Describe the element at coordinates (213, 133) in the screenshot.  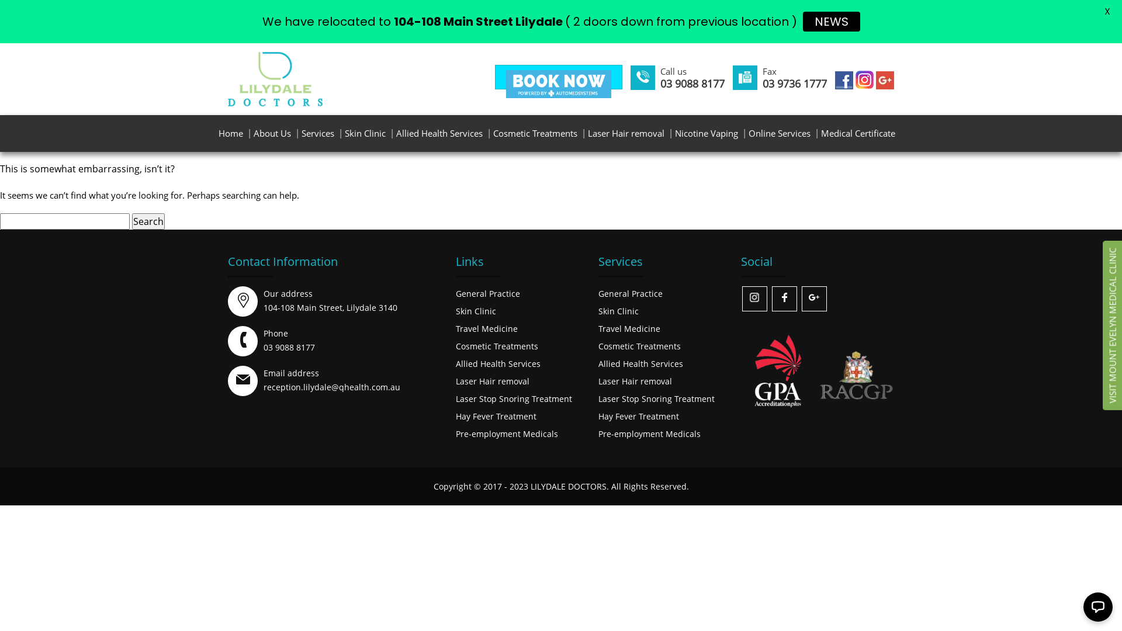
I see `'Home'` at that location.